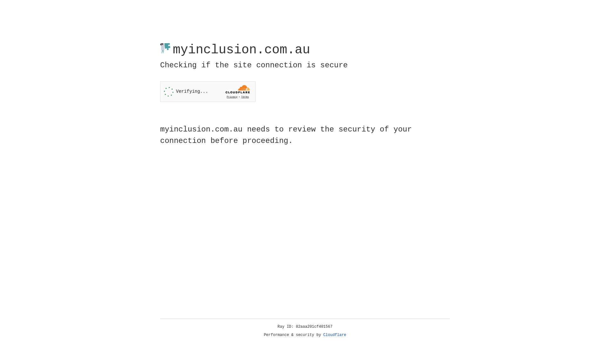 Image resolution: width=610 pixels, height=343 pixels. What do you see at coordinates (335, 335) in the screenshot?
I see `'Cloudflare'` at bounding box center [335, 335].